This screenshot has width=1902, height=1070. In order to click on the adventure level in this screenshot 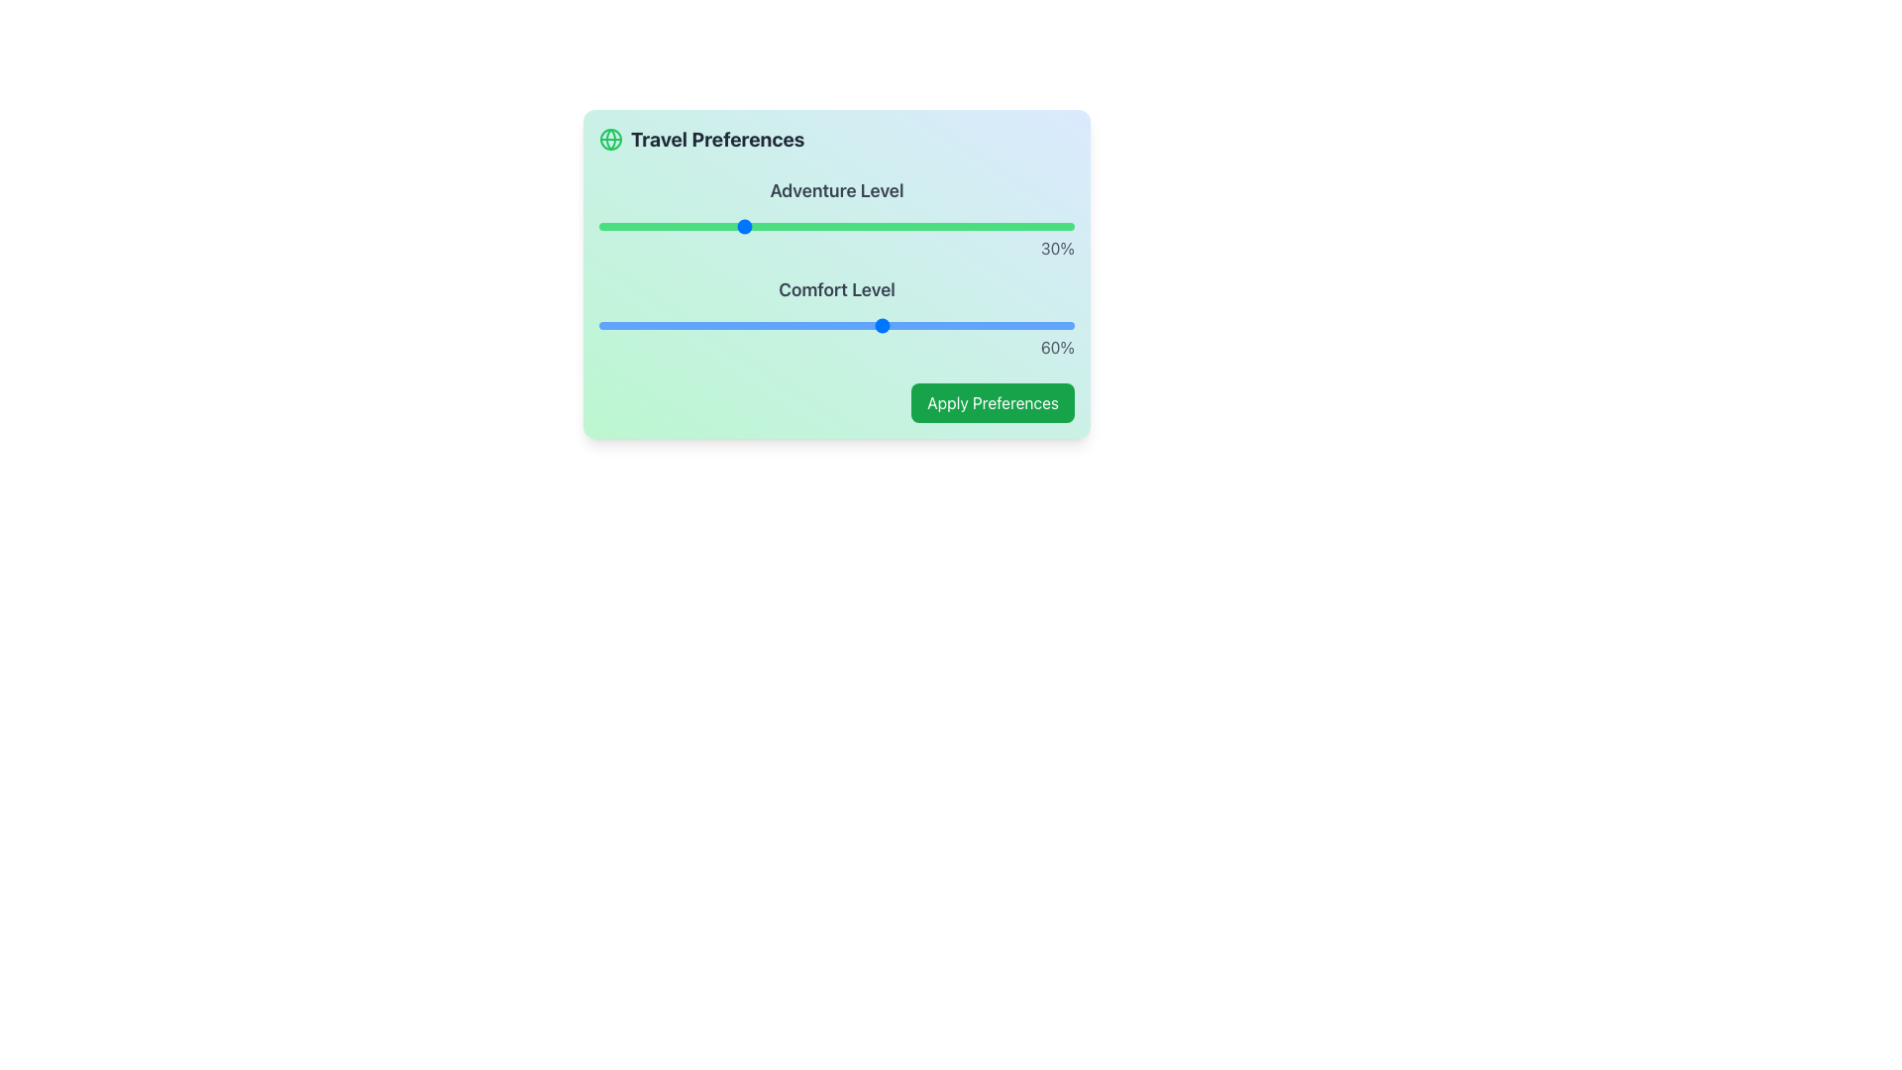, I will do `click(769, 225)`.